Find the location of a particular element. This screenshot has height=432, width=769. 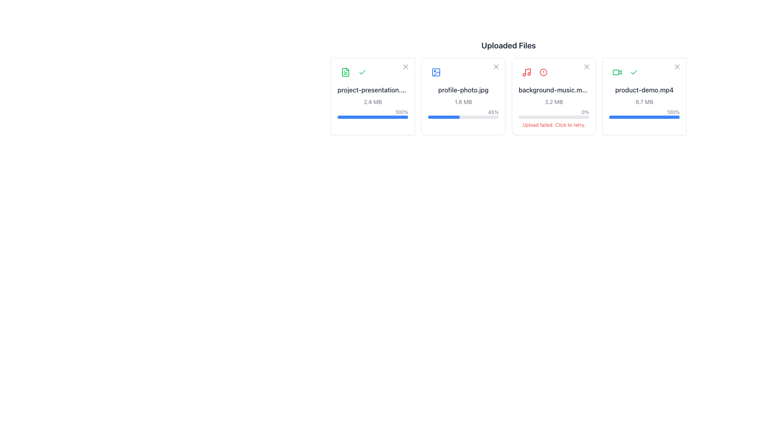

the thick green checkmark icon located in the 'Uploaded Files' section of the 'product-demo.mp4' file card is located at coordinates (362, 72).